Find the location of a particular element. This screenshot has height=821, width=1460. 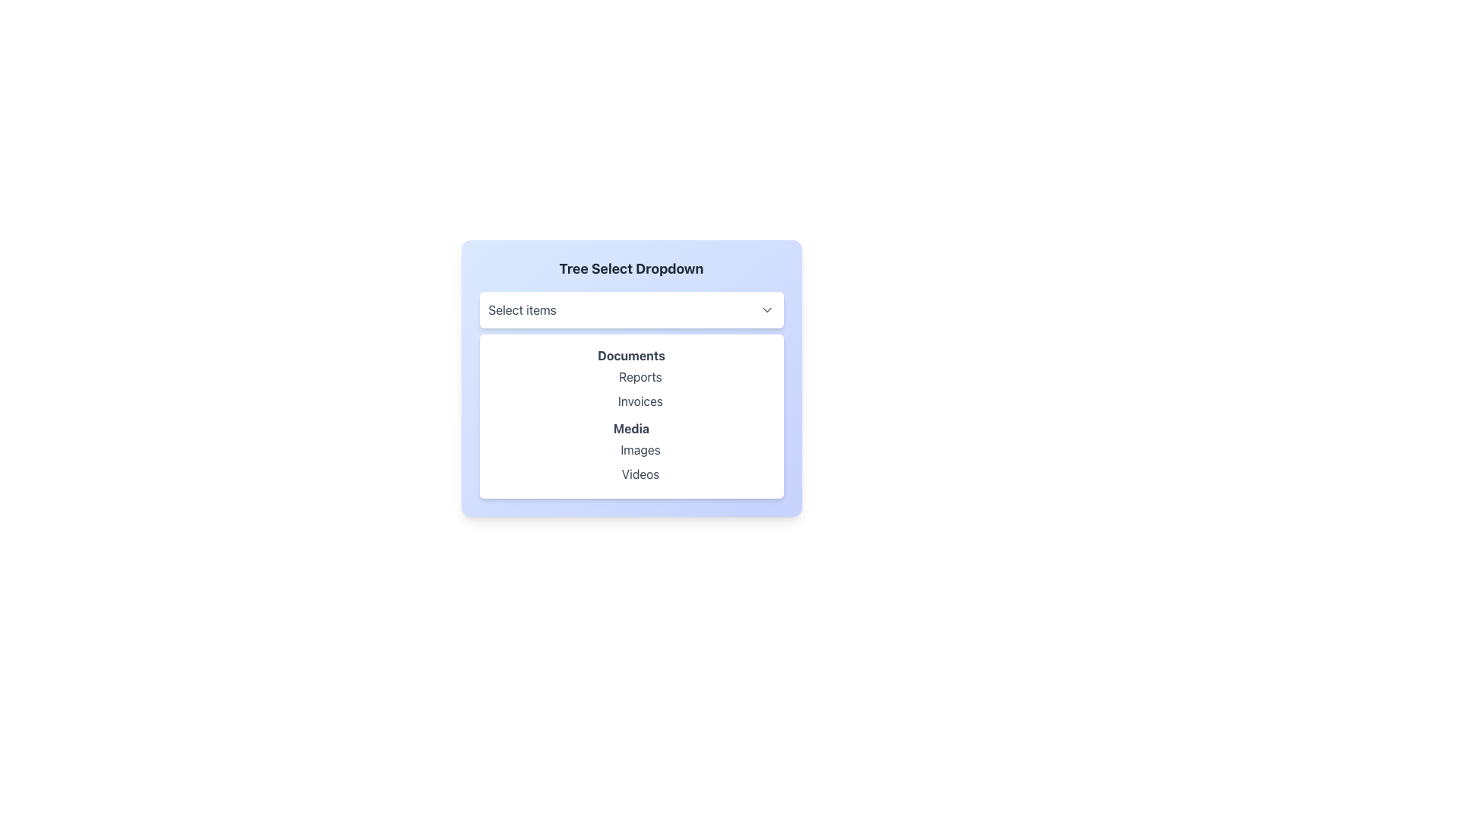

the 'Reports' option in the dropdown menu, which is the first option labeled 'Documents' located above 'Invoices' is located at coordinates (637, 376).